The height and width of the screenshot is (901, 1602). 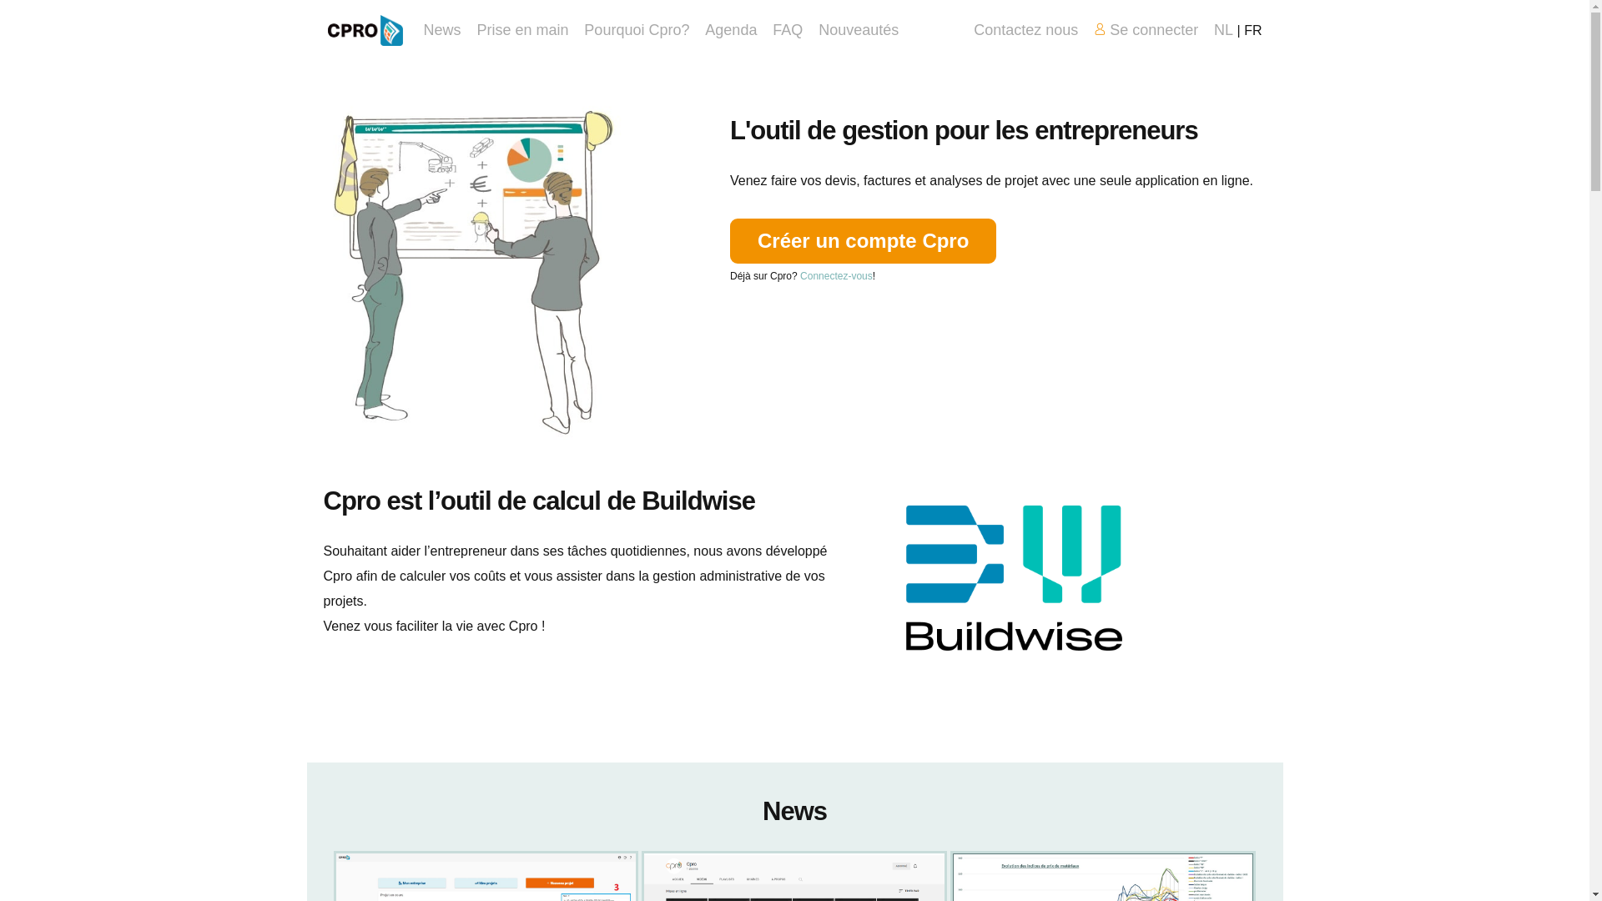 I want to click on 'FAQ', so click(x=787, y=29).